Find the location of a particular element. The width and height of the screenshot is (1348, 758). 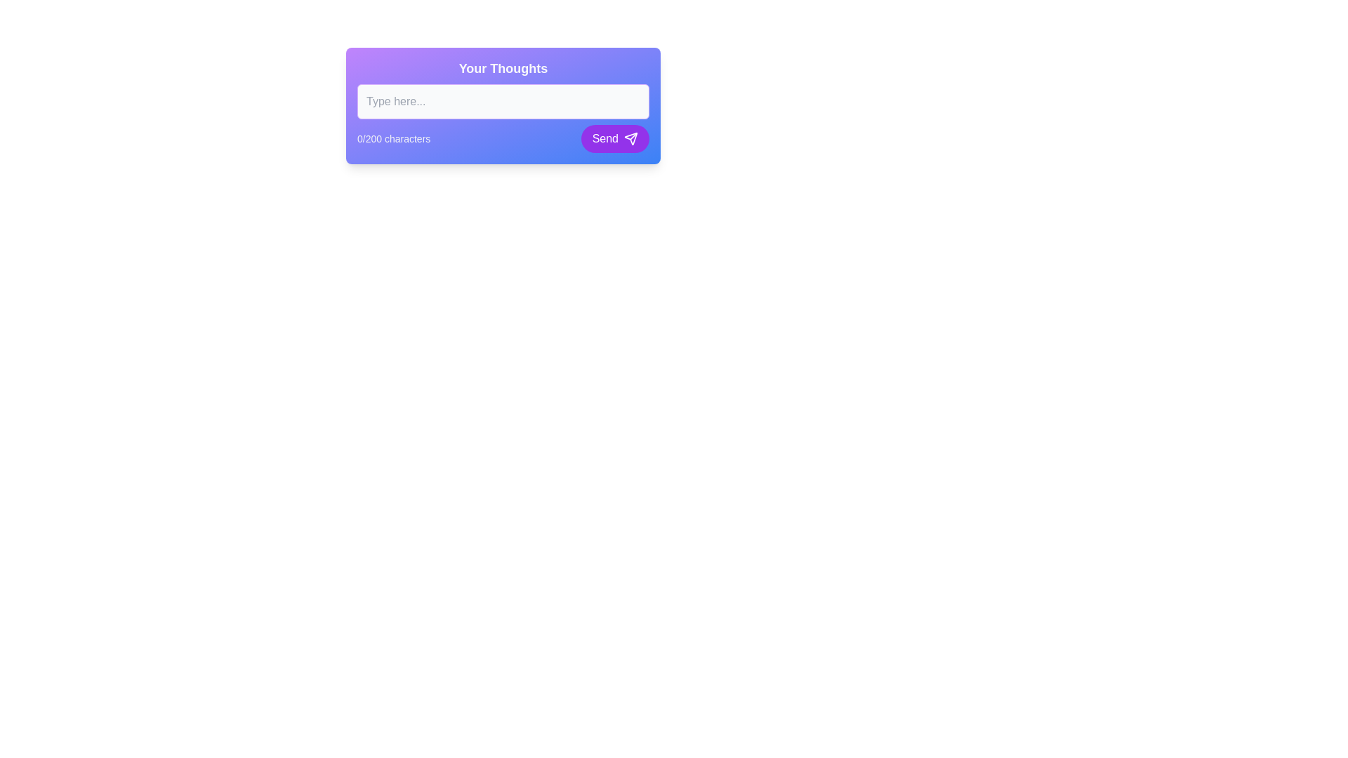

the 'Send' button with a purple gradient background and white text is located at coordinates (615, 138).